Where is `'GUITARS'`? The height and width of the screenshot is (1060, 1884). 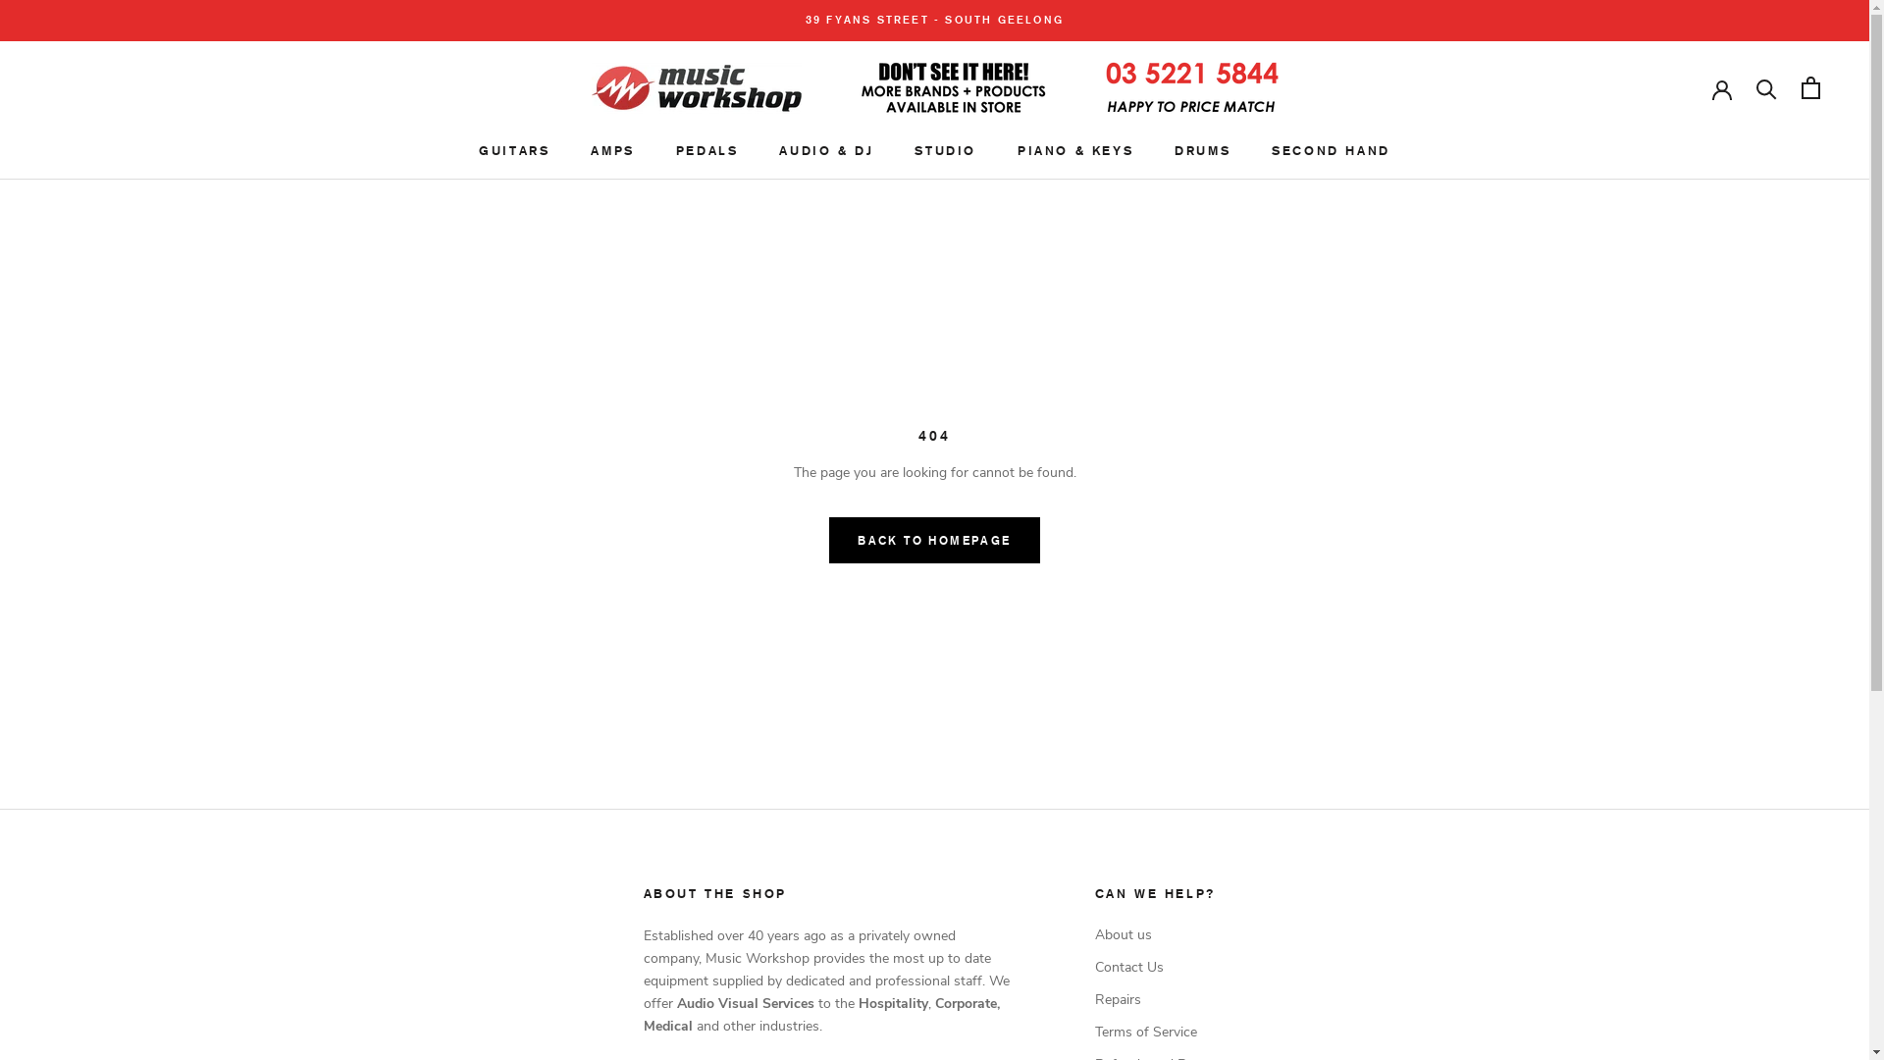
'GUITARS' is located at coordinates (479, 149).